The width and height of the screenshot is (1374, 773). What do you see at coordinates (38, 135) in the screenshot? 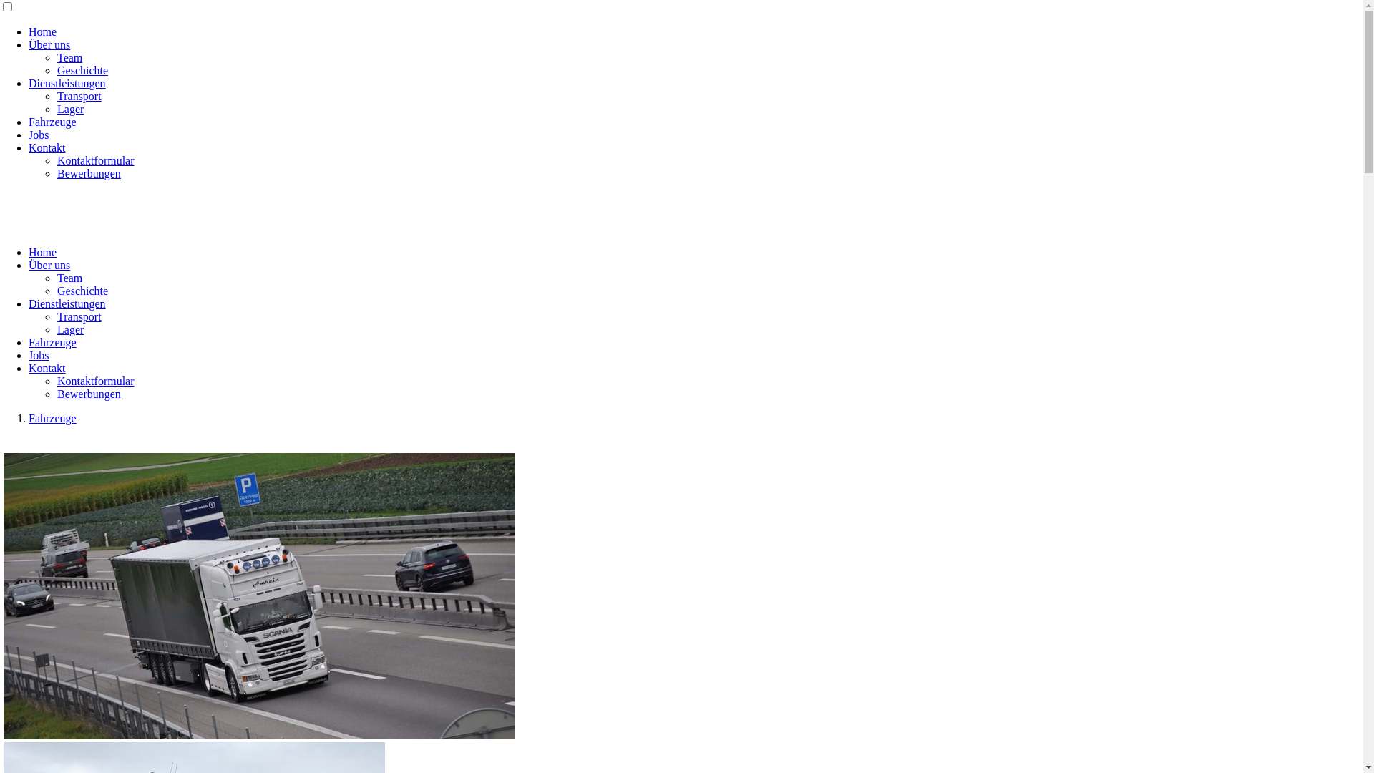
I see `'Jobs'` at bounding box center [38, 135].